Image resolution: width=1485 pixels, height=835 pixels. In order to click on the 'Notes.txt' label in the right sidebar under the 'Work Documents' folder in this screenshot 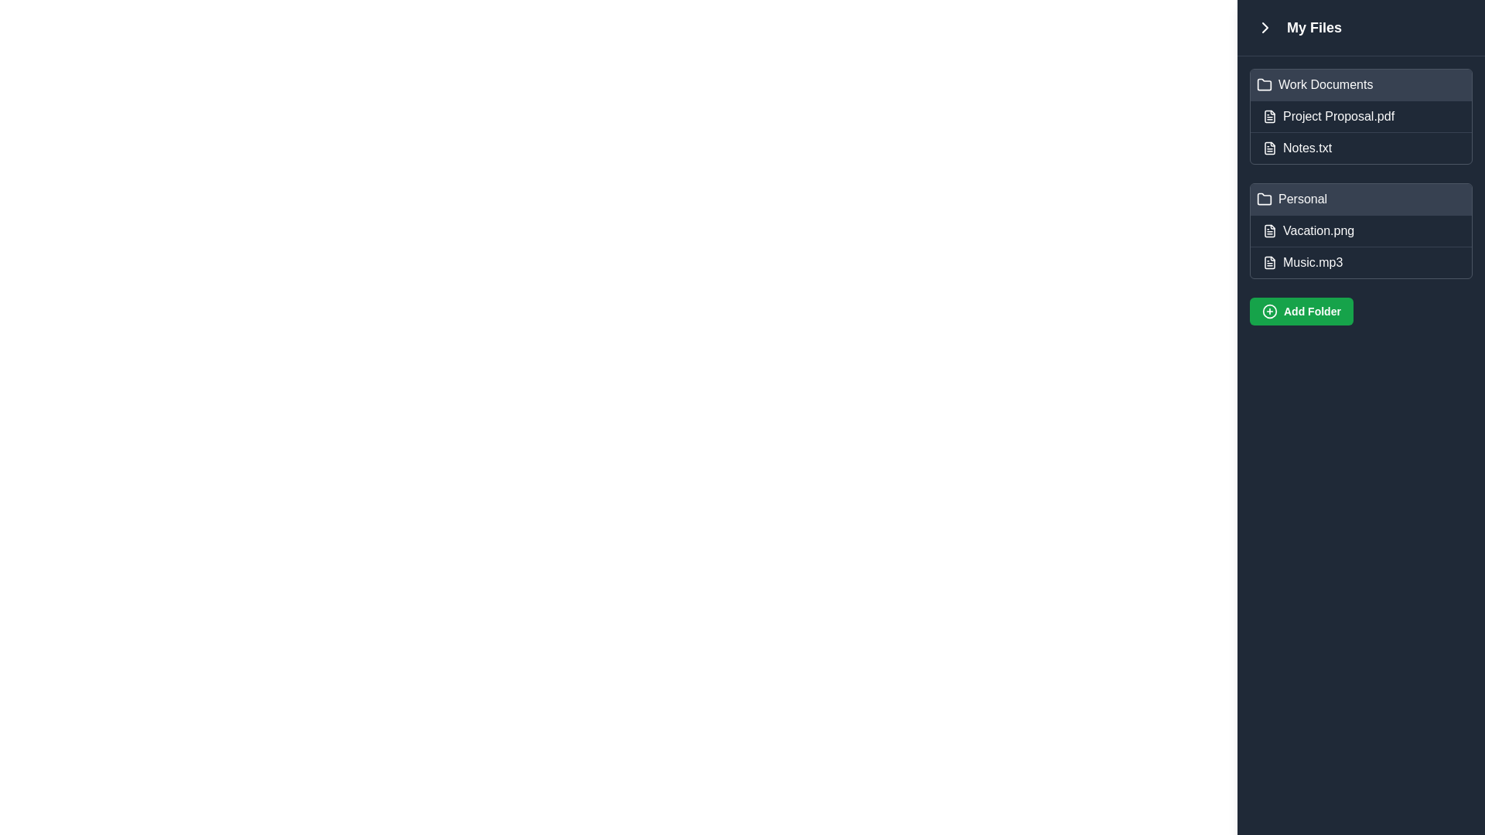, I will do `click(1306, 148)`.